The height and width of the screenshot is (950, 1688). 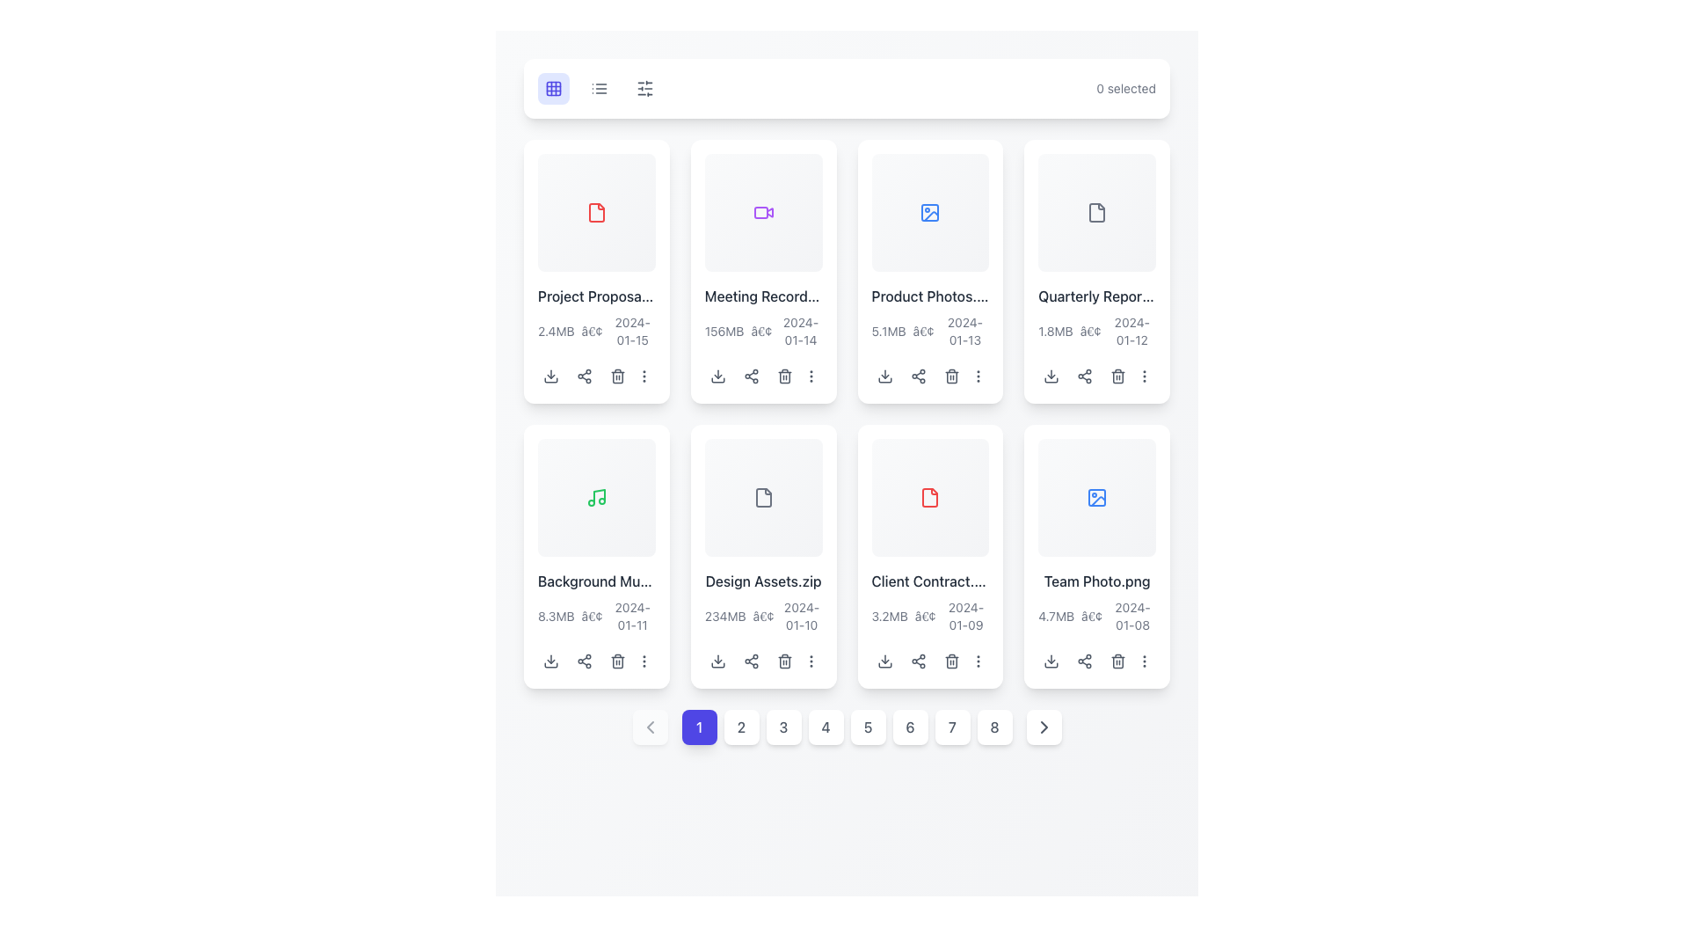 I want to click on the file item card labeled 'Meeting Recording.mp4' in the grid layout, so click(x=763, y=271).